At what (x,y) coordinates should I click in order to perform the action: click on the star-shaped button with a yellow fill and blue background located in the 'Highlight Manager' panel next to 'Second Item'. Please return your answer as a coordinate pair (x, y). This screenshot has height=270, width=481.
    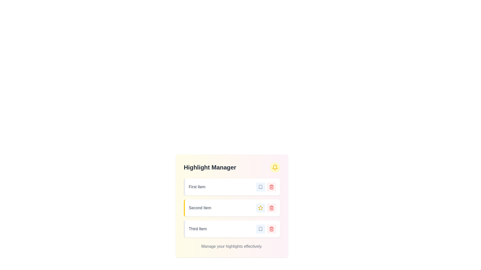
    Looking at the image, I should click on (260, 208).